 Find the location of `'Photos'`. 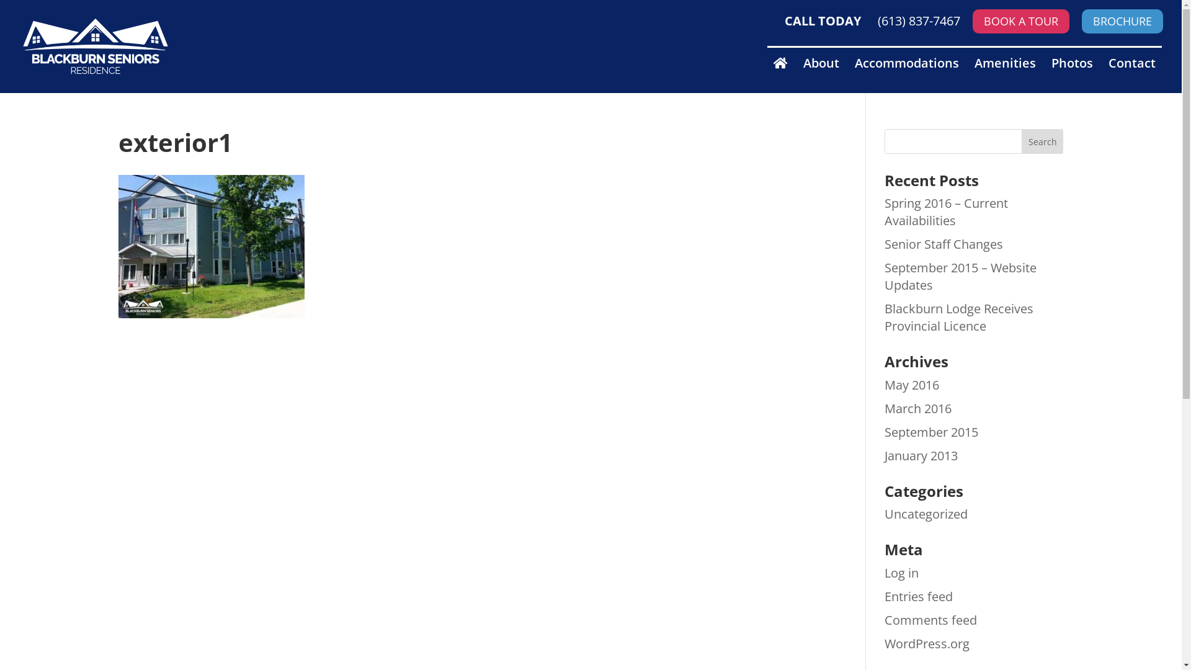

'Photos' is located at coordinates (1071, 74).